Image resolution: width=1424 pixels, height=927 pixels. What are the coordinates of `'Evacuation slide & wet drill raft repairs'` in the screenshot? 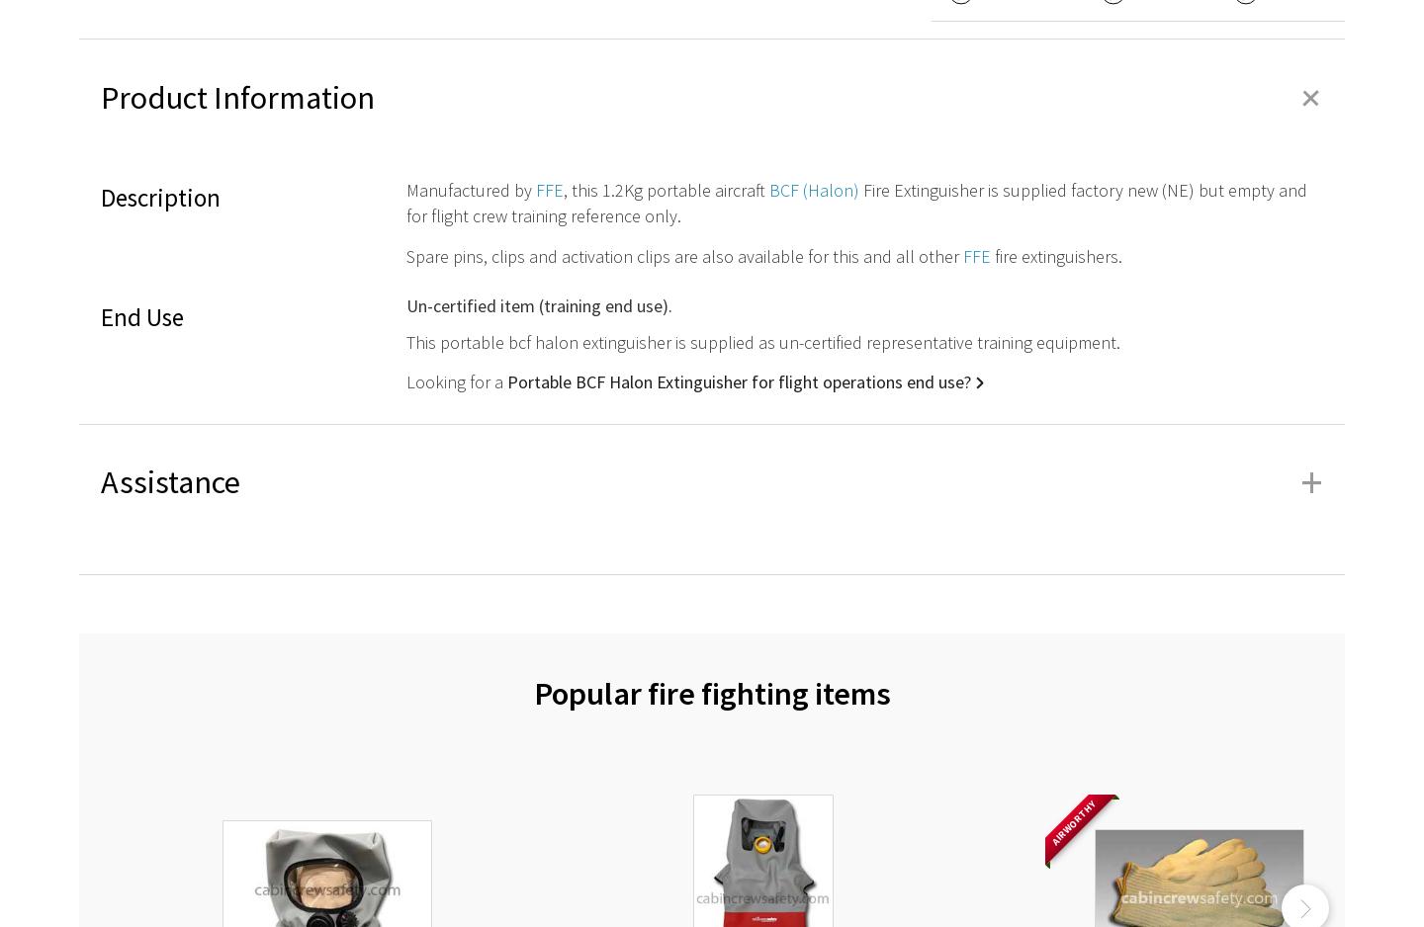 It's located at (565, 700).